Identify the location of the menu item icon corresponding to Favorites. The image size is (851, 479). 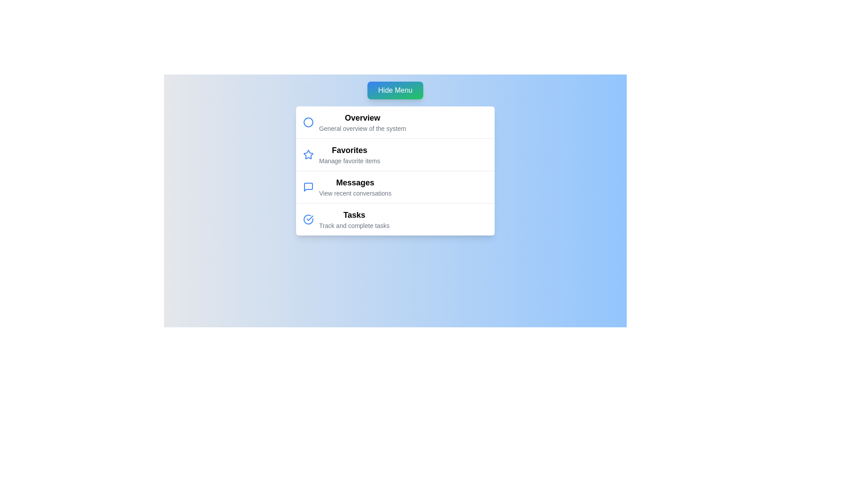
(308, 154).